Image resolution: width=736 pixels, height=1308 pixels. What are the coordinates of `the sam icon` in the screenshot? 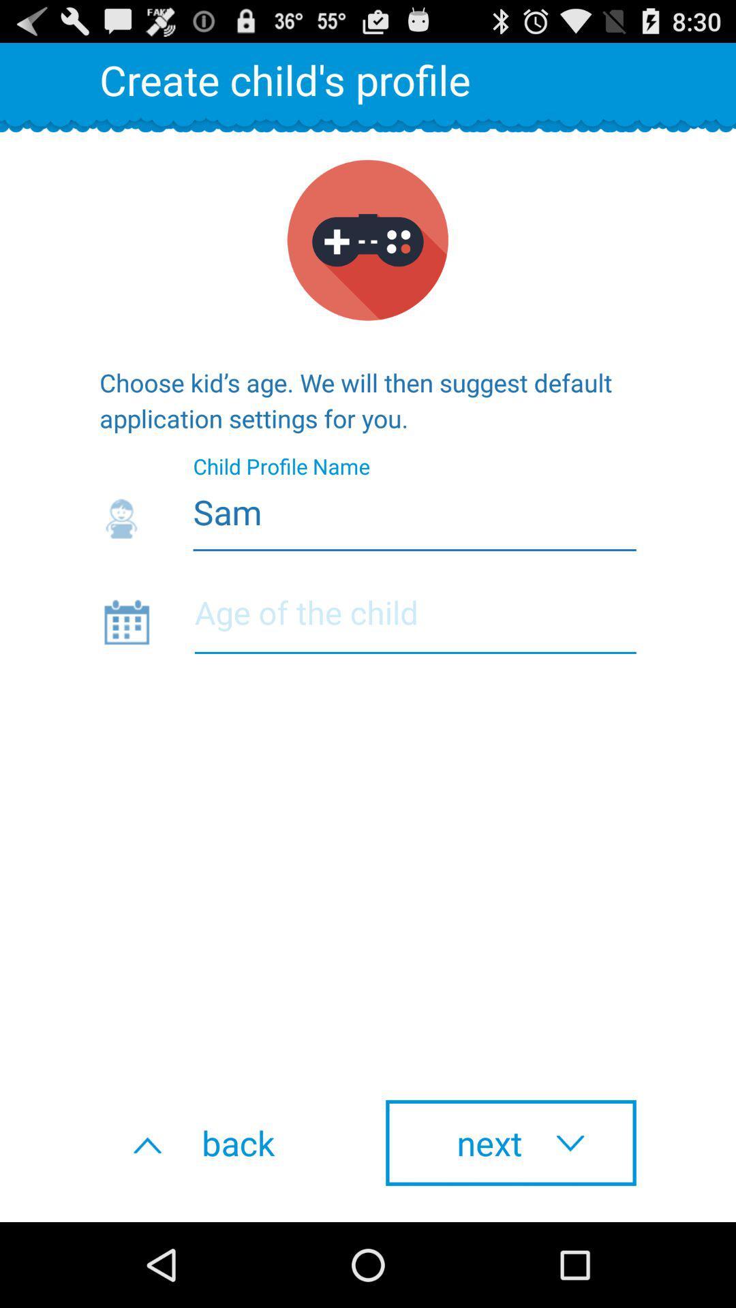 It's located at (368, 508).